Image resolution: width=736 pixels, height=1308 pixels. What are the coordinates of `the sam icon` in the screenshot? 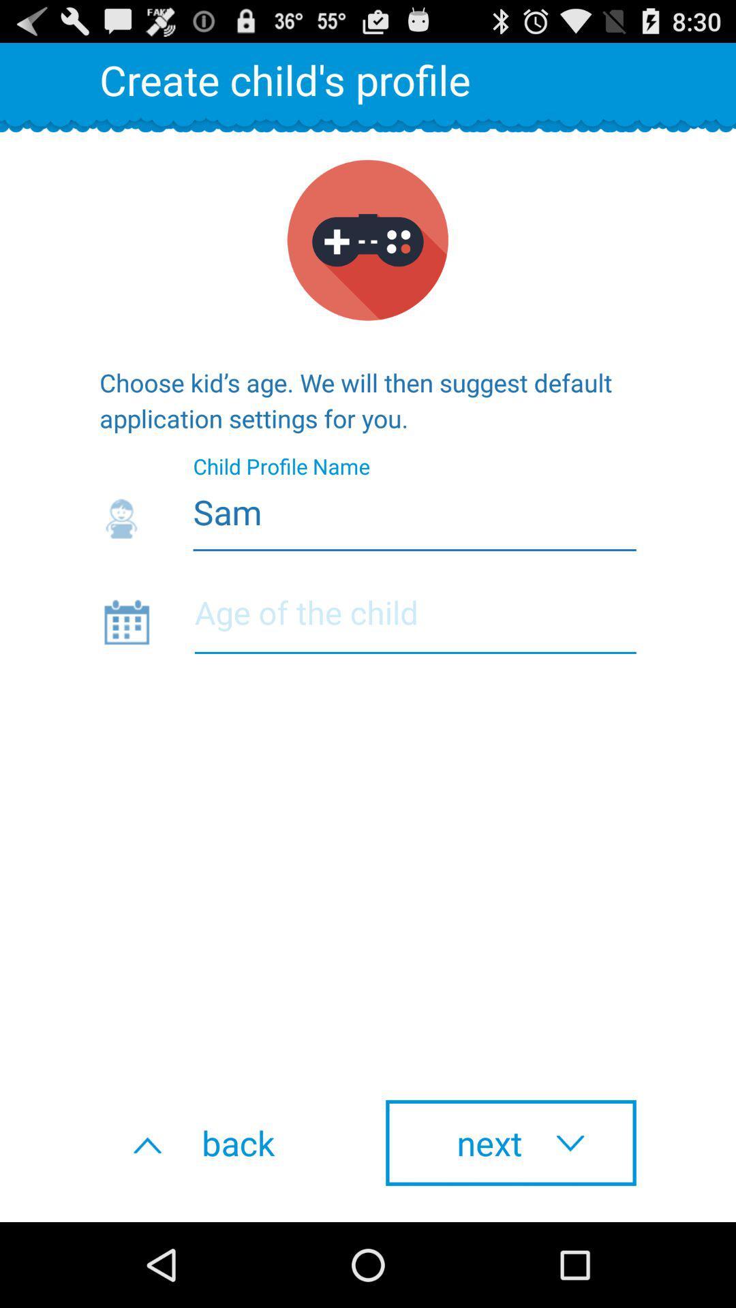 It's located at (368, 508).